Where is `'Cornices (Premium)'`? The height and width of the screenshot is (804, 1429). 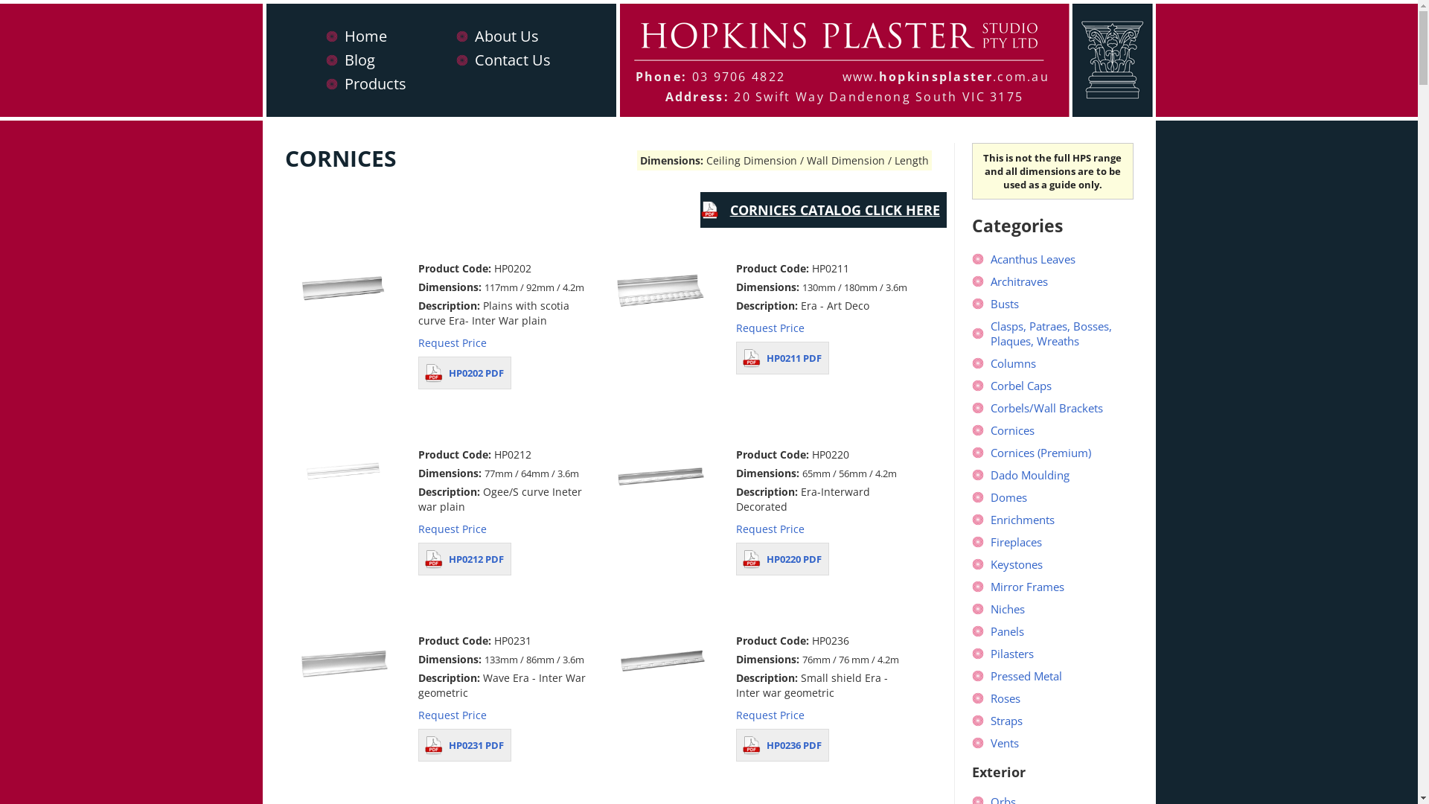
'Cornices (Premium)' is located at coordinates (1040, 452).